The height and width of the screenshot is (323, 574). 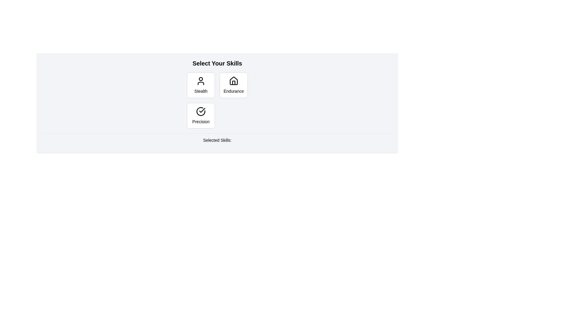 What do you see at coordinates (233, 81) in the screenshot?
I see `the house-shaped icon, which is the second object in a row of selectable skills icons` at bounding box center [233, 81].